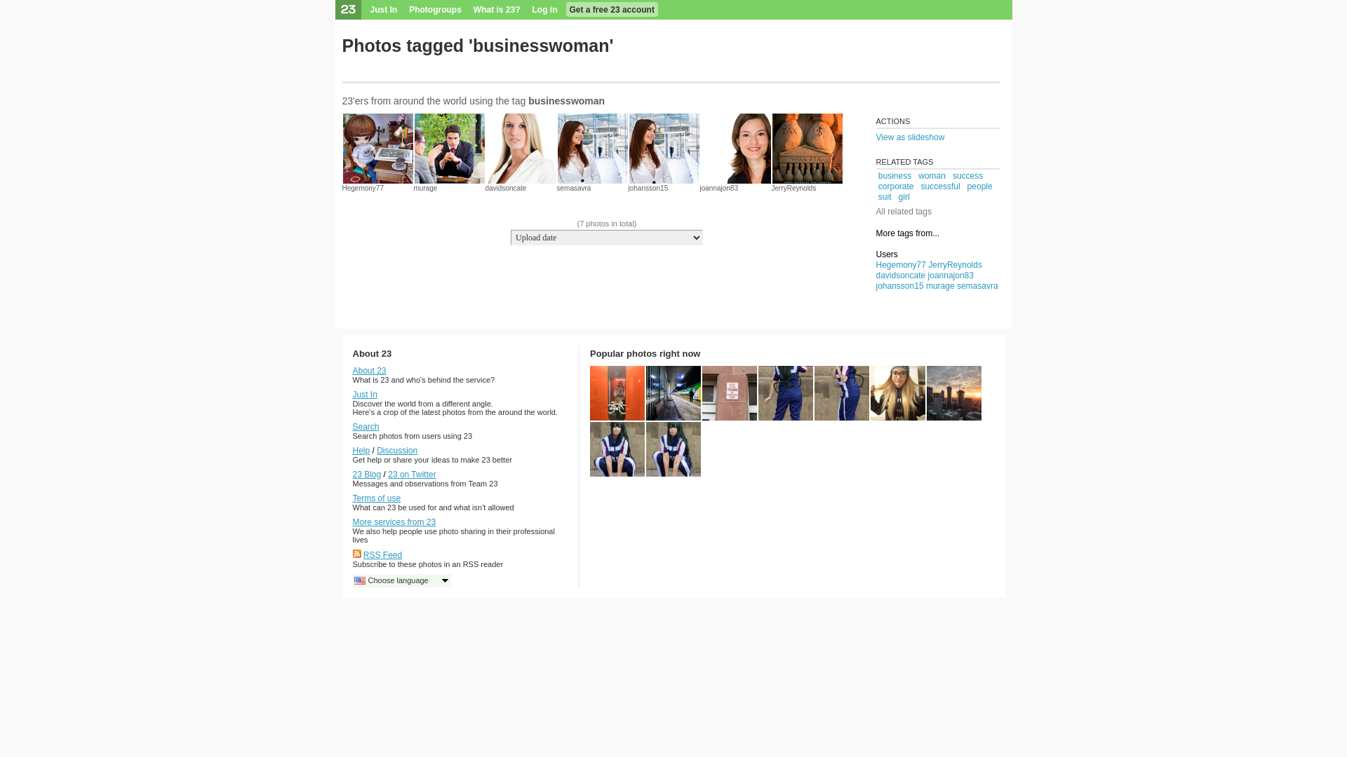 The height and width of the screenshot is (757, 1347). Describe the element at coordinates (979, 186) in the screenshot. I see `'people'` at that location.